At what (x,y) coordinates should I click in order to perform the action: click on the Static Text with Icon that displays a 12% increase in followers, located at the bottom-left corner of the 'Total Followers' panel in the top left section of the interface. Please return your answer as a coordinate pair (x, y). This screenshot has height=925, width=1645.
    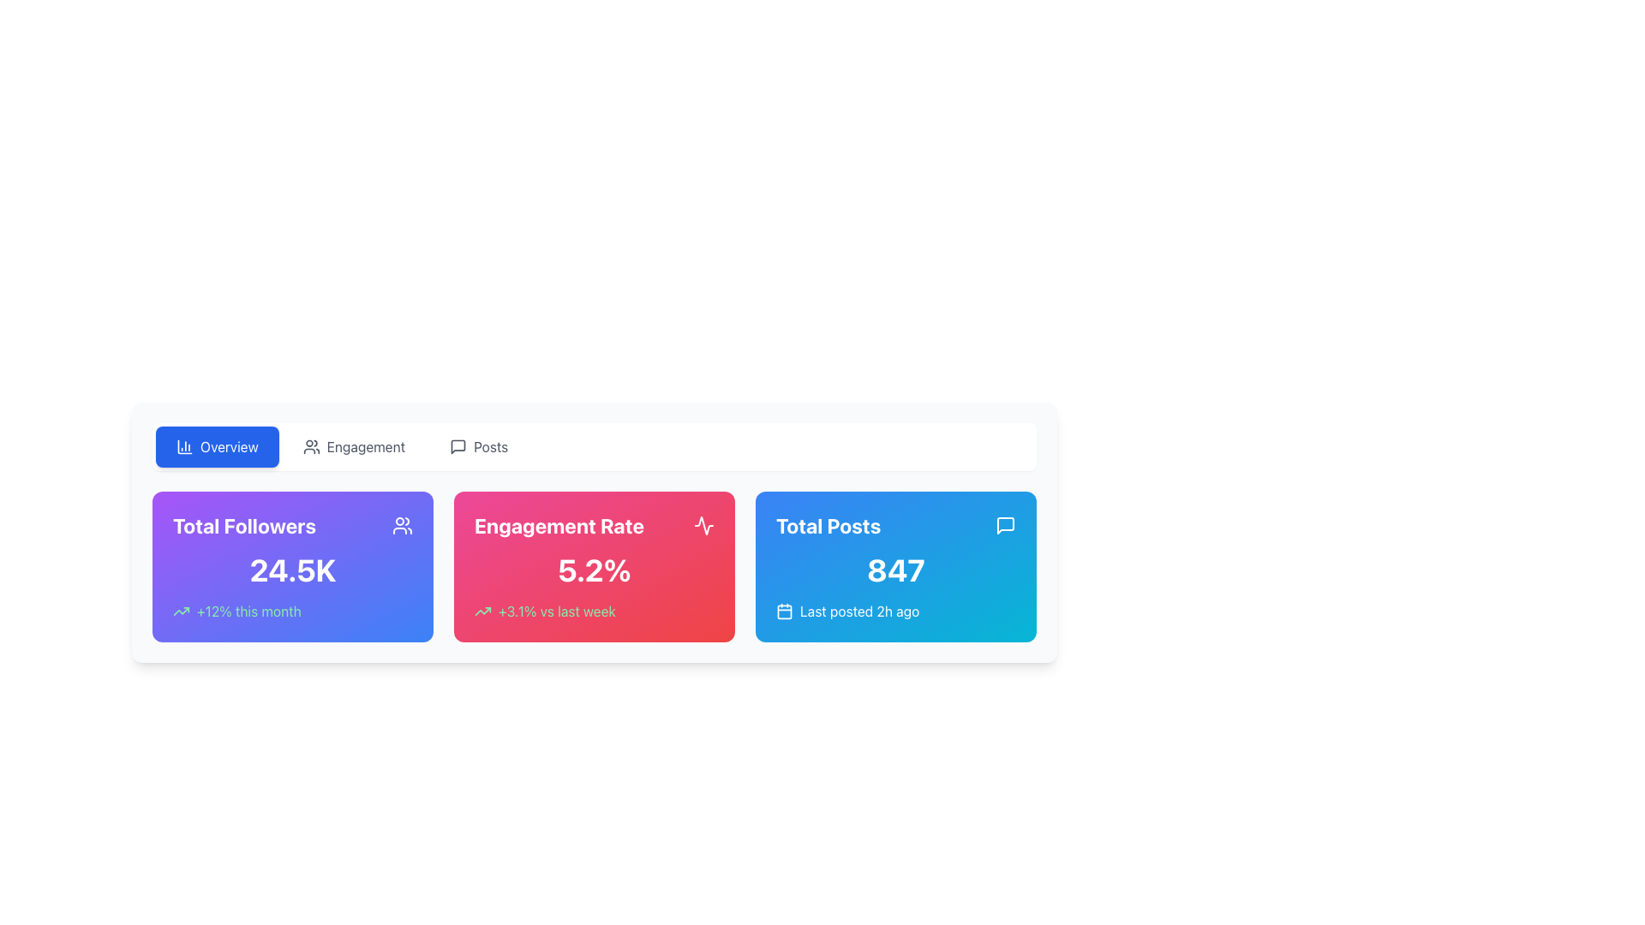
    Looking at the image, I should click on (292, 610).